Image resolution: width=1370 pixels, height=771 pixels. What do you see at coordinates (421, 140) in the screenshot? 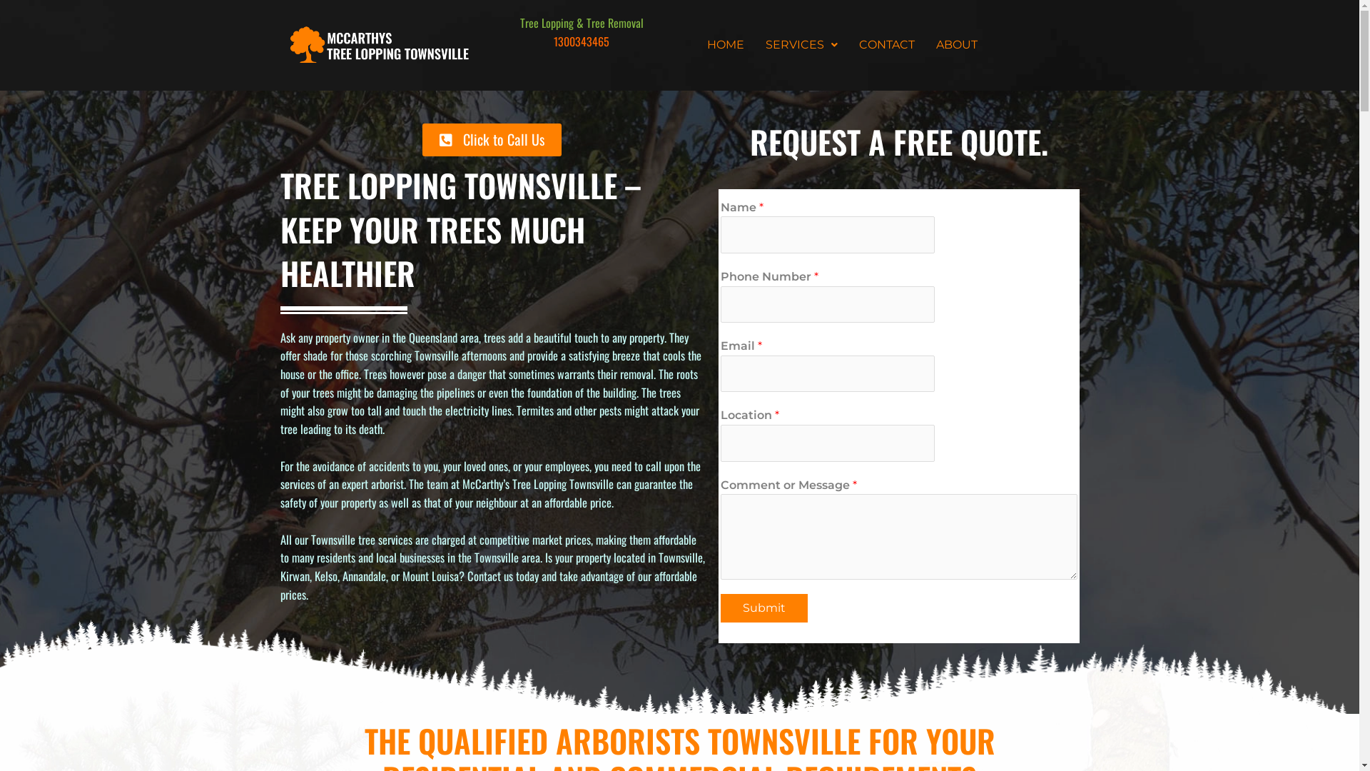
I see `'Click to Call Us'` at bounding box center [421, 140].